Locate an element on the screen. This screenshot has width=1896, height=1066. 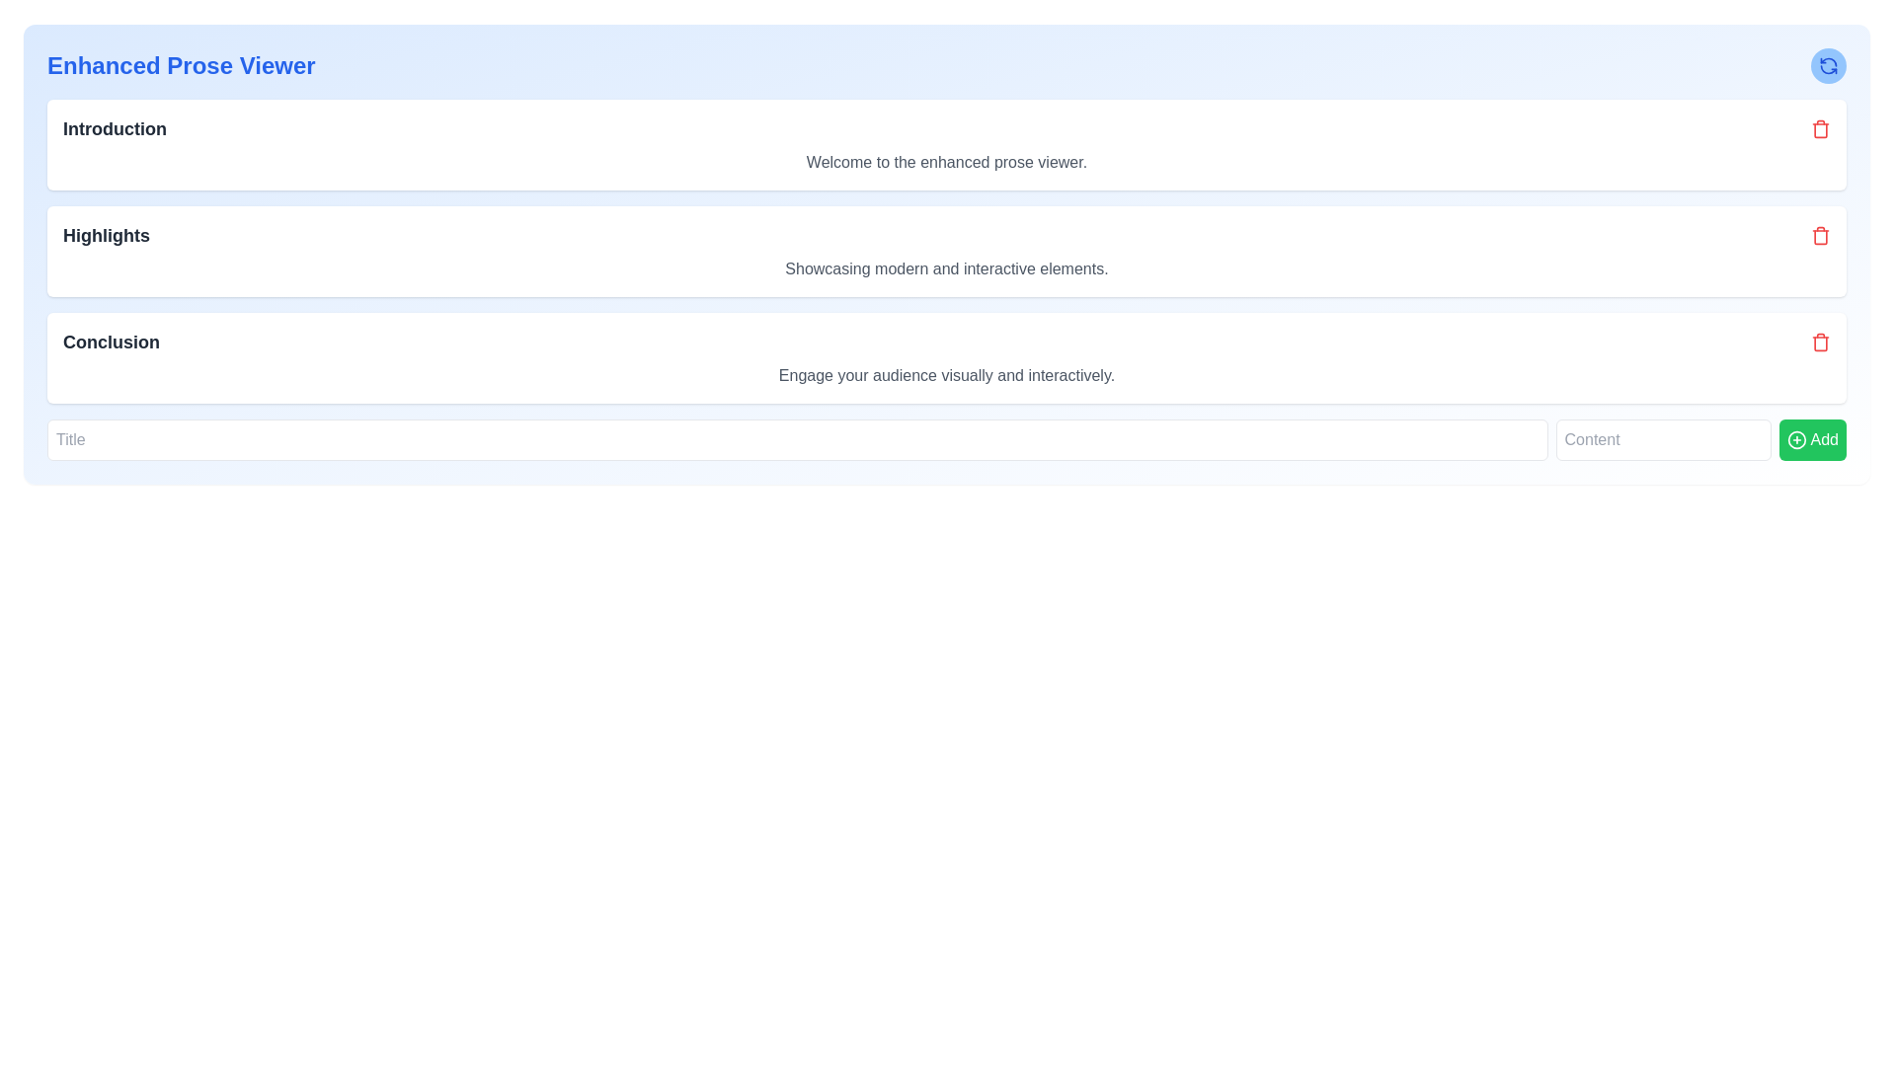
the heading text 'Enhanced Prose Viewer' which is bold, blue, and large, located at the top-left corner of the interface is located at coordinates (181, 64).